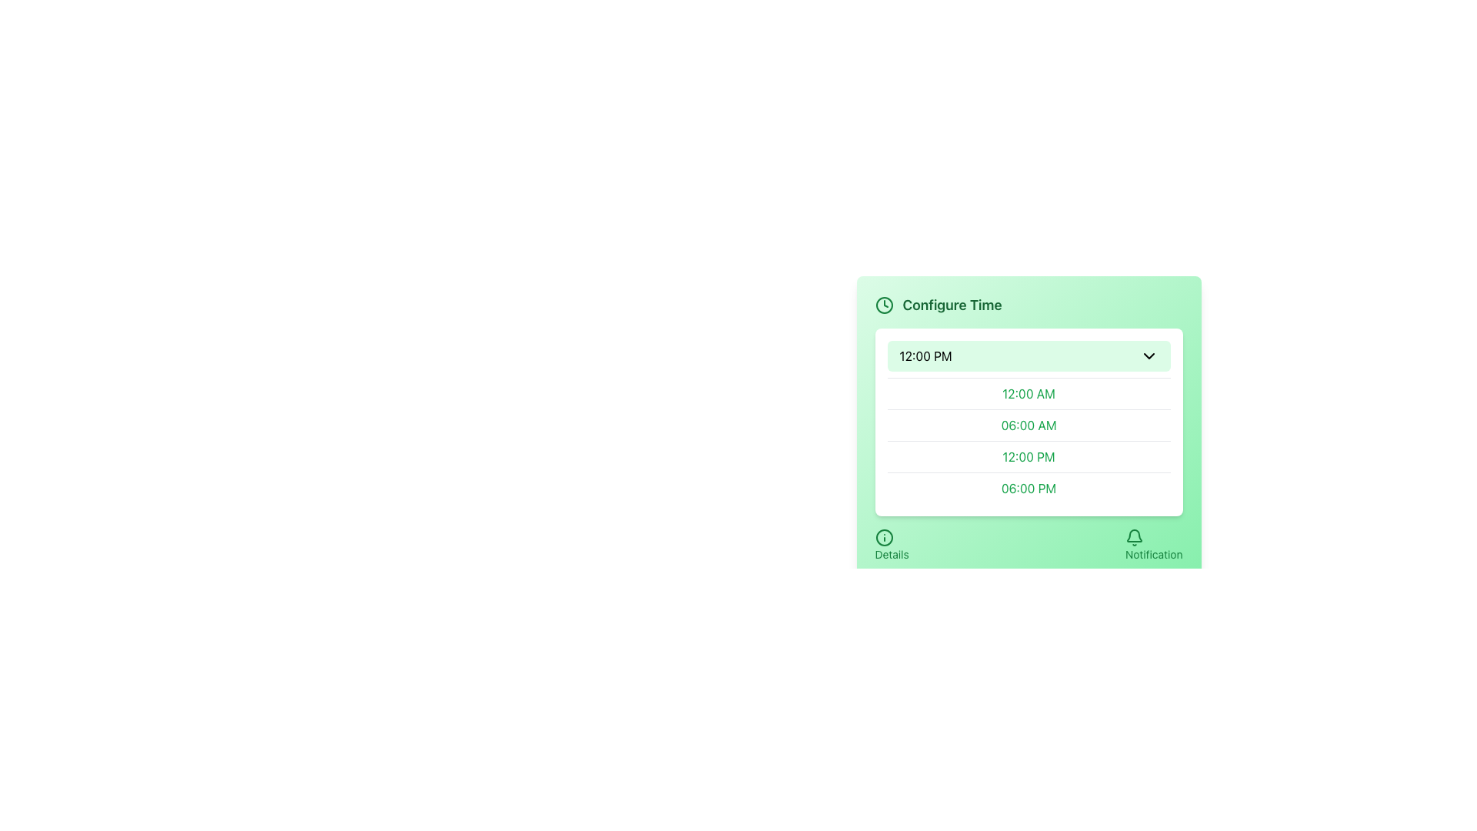 The width and height of the screenshot is (1477, 831). I want to click on the selectable list item displaying '12:00 PM' in green font color, located in the third row of the dropdown menu, to interact with it, so click(1029, 456).